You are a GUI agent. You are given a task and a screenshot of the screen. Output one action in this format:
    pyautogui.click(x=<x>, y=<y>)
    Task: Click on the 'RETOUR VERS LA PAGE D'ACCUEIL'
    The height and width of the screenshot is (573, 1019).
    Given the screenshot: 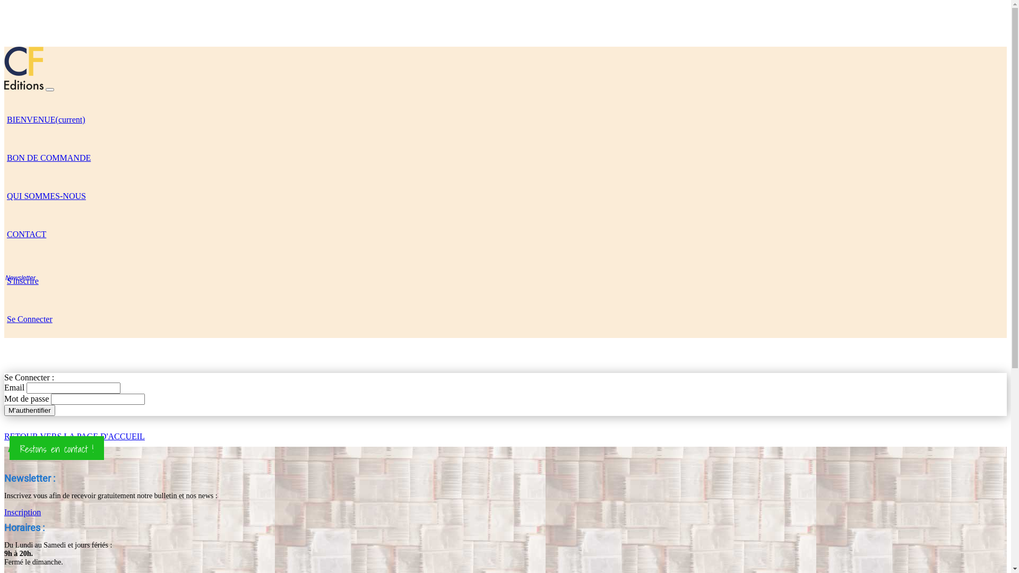 What is the action you would take?
    pyautogui.click(x=74, y=436)
    